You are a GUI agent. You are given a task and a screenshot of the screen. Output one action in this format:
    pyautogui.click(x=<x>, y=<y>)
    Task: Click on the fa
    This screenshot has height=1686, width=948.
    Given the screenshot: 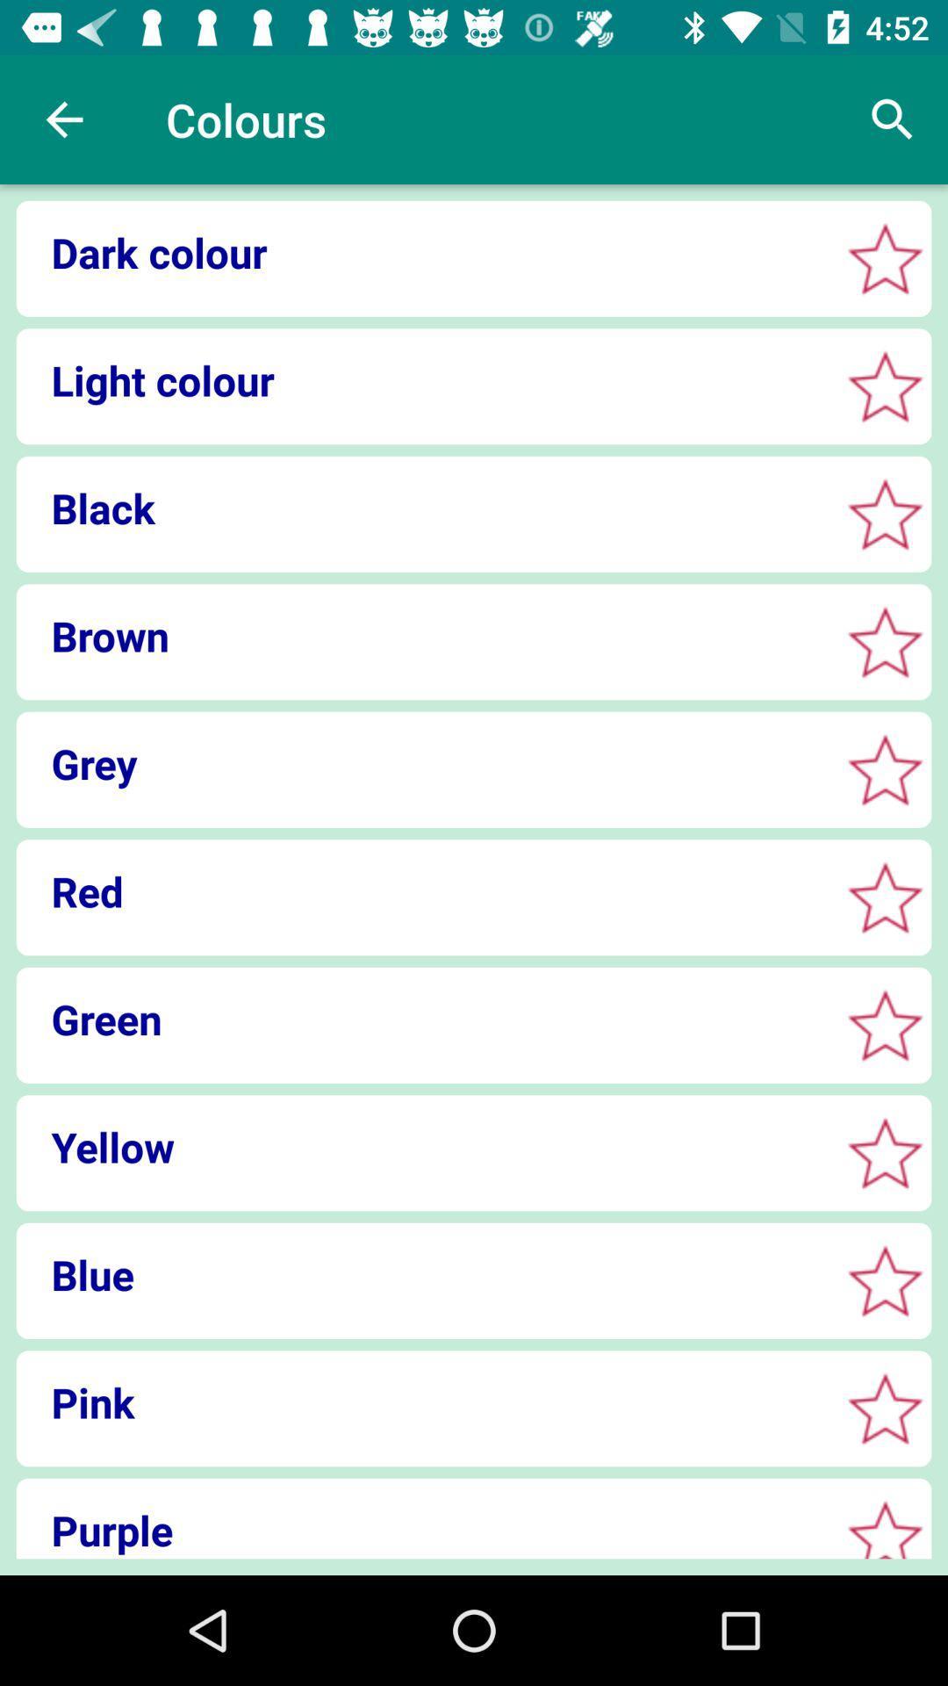 What is the action you would take?
    pyautogui.click(x=885, y=641)
    